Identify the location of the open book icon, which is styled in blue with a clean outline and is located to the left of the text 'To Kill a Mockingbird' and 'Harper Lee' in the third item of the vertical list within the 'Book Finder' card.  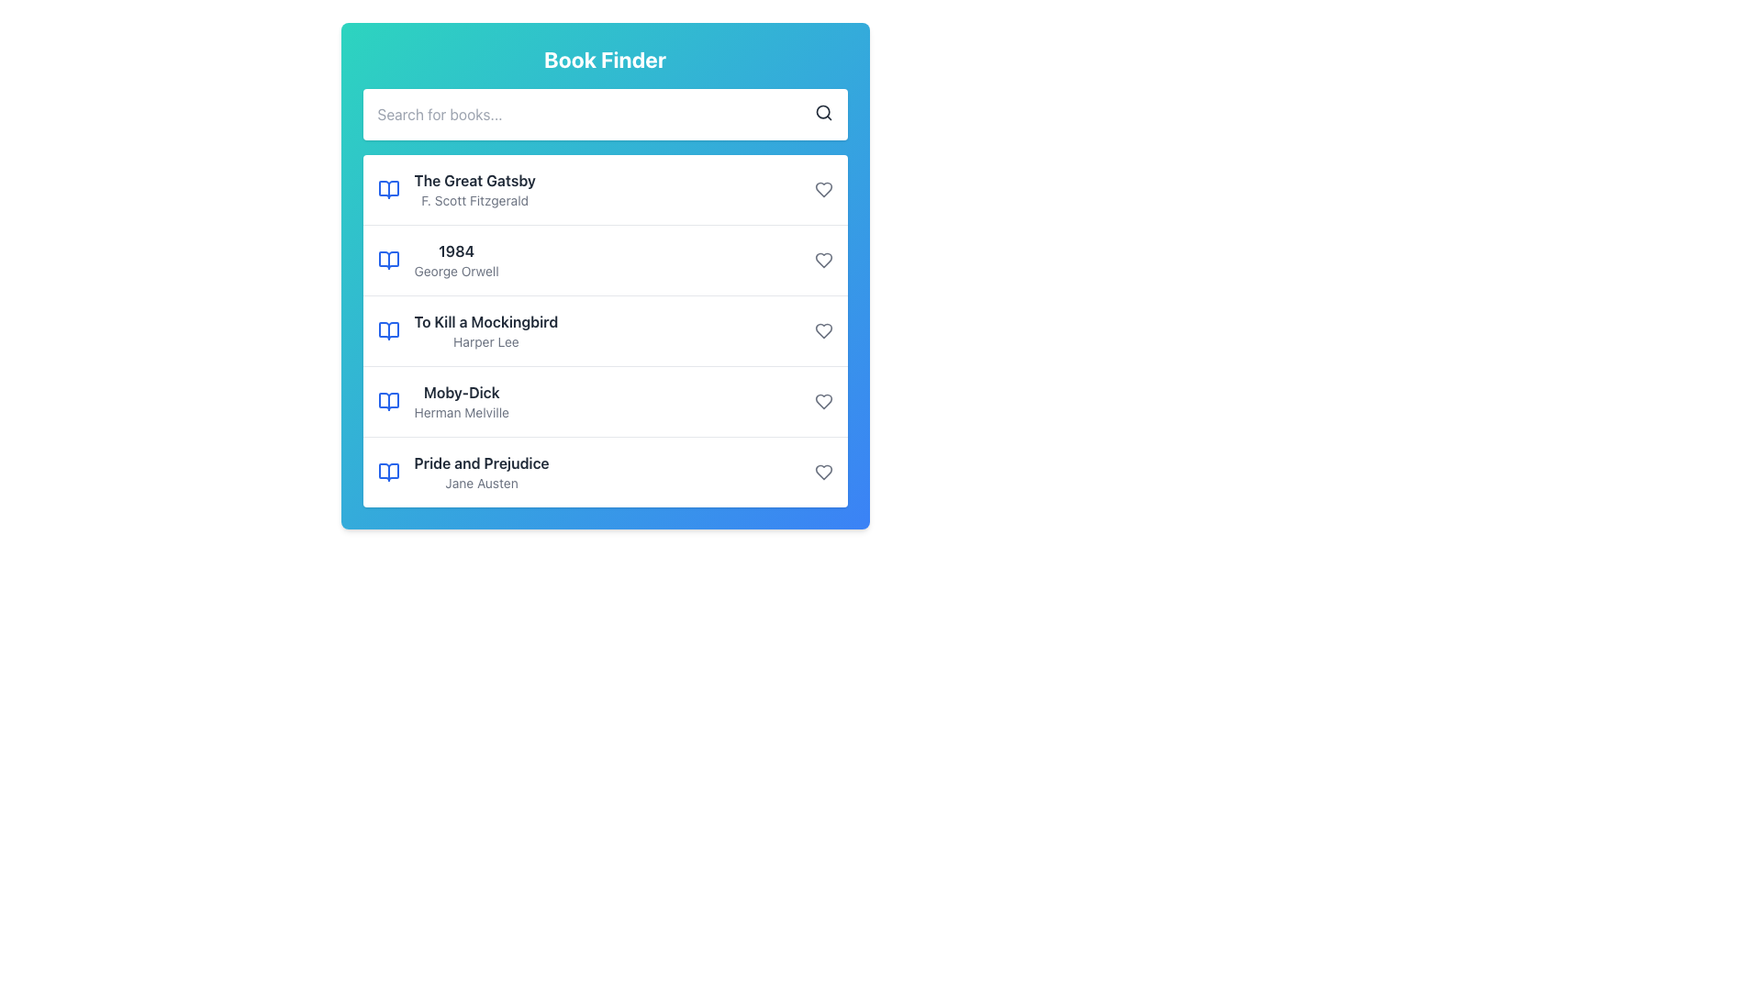
(387, 331).